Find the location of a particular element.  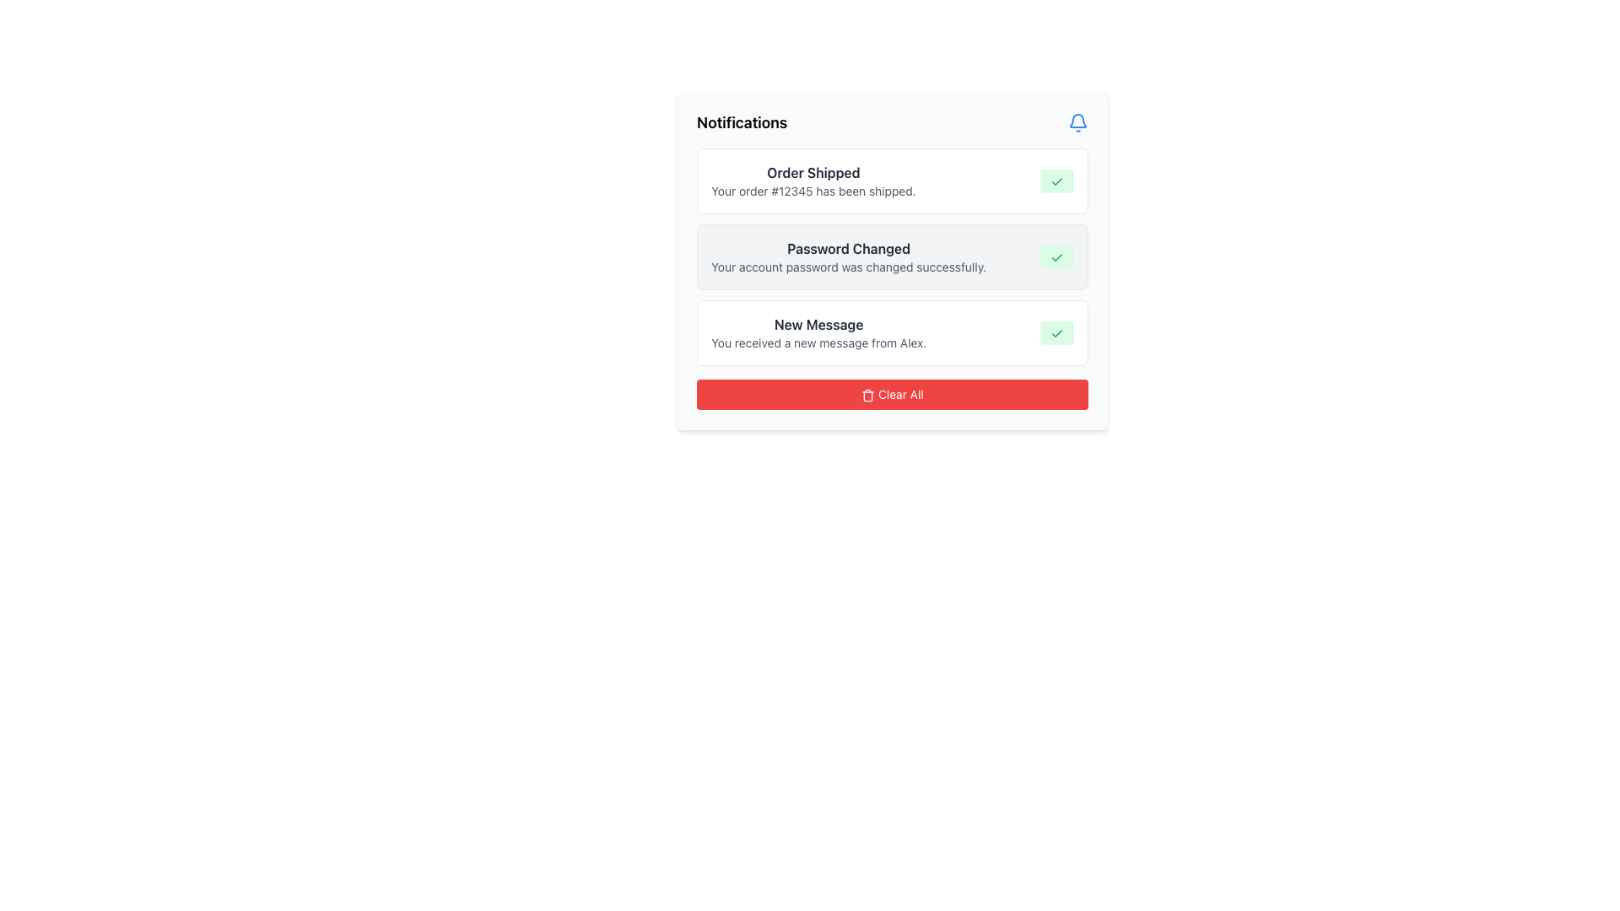

the Text Label that serves as the title for the notification entry, located above the smaller description text within the third notification card from the top of the list is located at coordinates (818, 325).